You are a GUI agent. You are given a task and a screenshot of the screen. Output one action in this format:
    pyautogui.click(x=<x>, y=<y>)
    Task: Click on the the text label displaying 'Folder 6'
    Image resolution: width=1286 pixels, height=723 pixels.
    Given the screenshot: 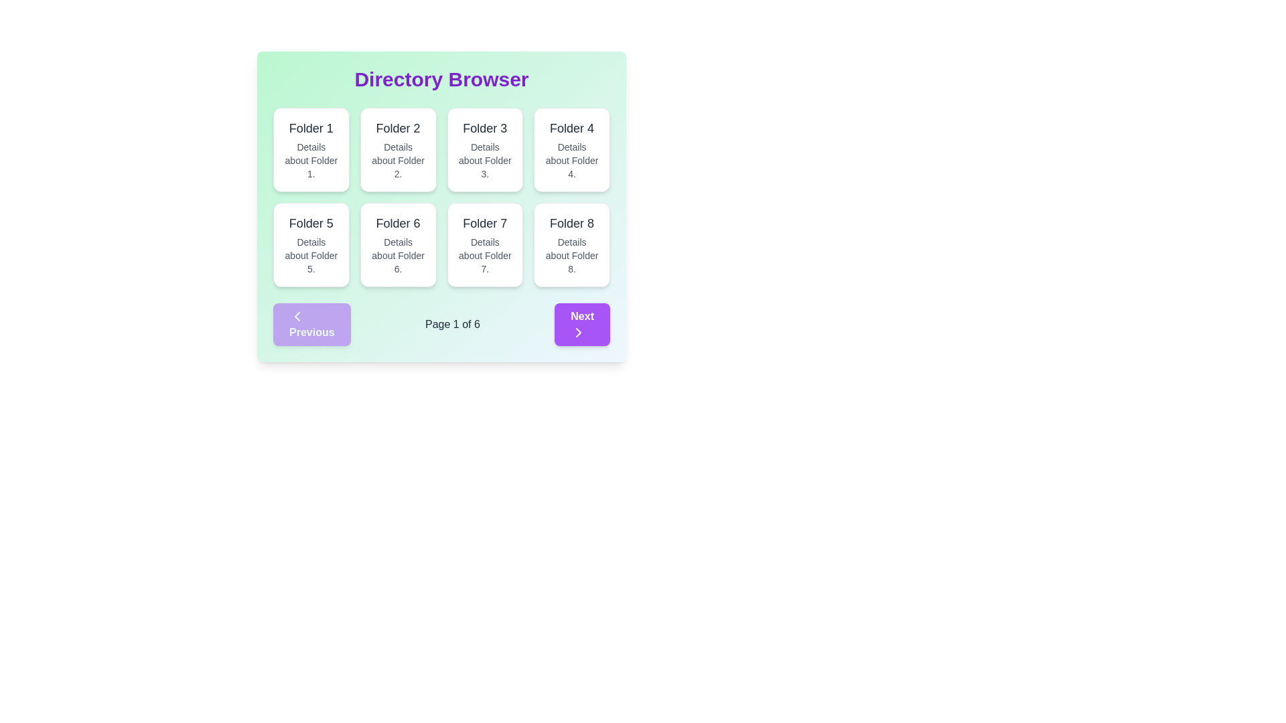 What is the action you would take?
    pyautogui.click(x=397, y=223)
    